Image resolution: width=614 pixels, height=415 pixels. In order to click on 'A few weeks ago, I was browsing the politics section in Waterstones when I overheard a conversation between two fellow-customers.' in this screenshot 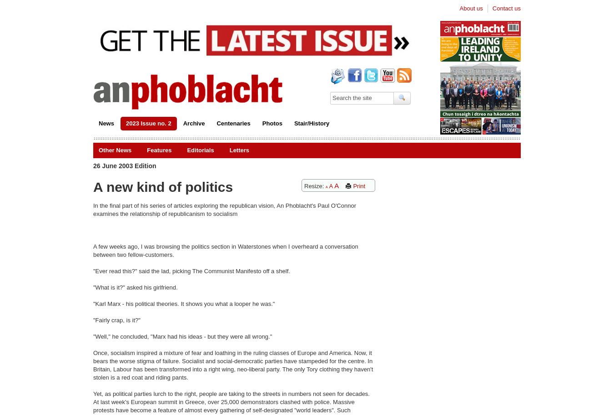, I will do `click(225, 250)`.